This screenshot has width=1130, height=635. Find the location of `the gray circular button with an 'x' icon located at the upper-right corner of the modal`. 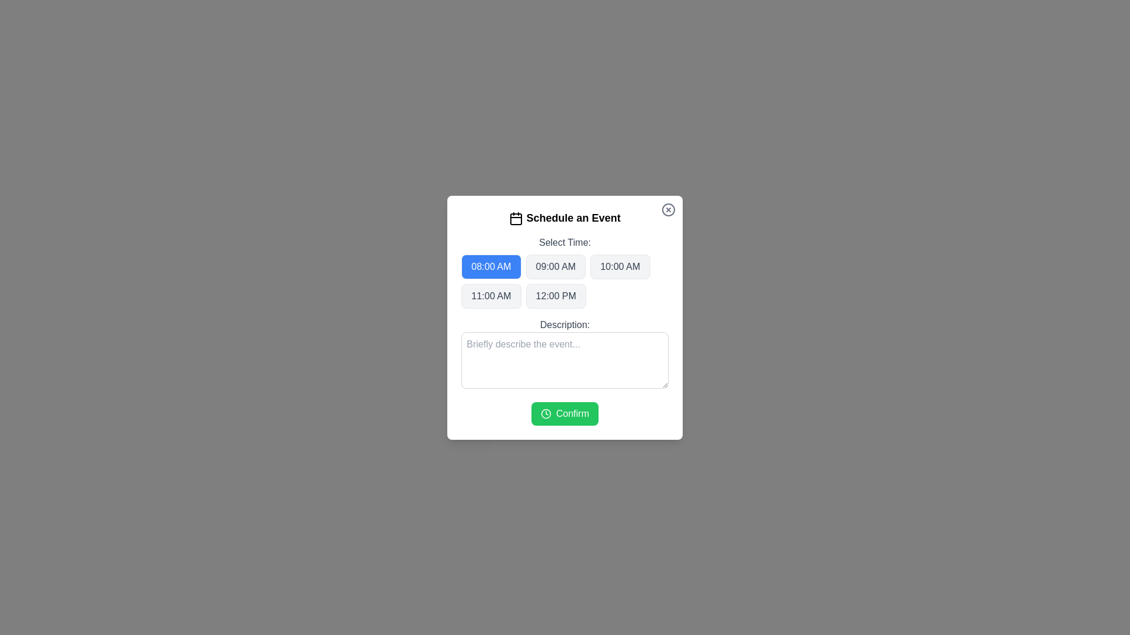

the gray circular button with an 'x' icon located at the upper-right corner of the modal is located at coordinates (669, 208).